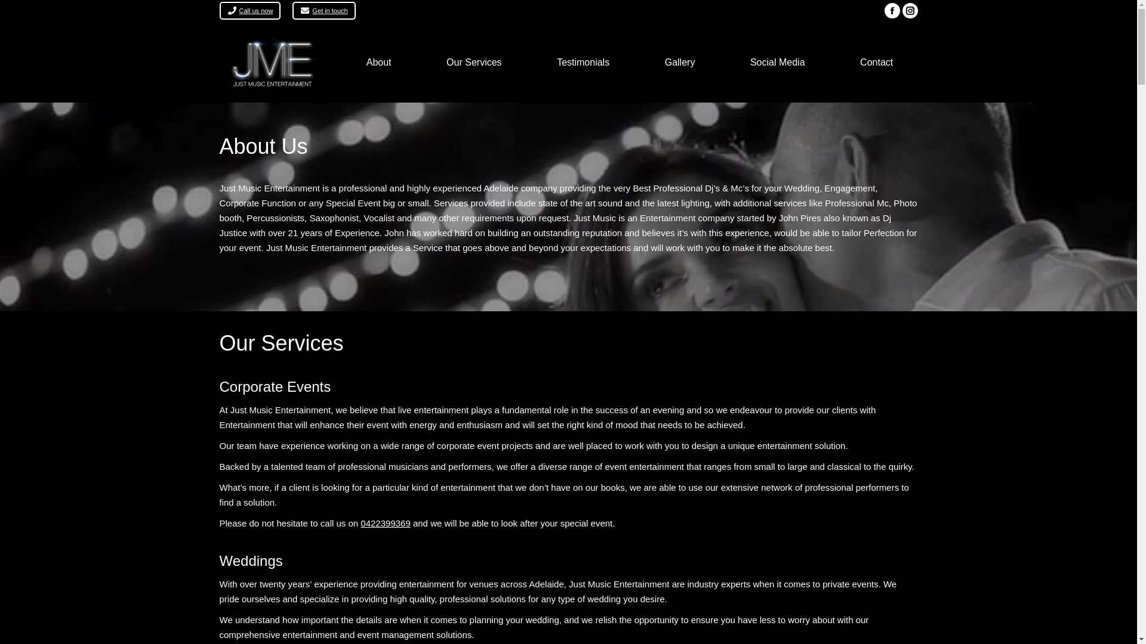 Image resolution: width=1146 pixels, height=644 pixels. I want to click on 'Gallery', so click(679, 62).